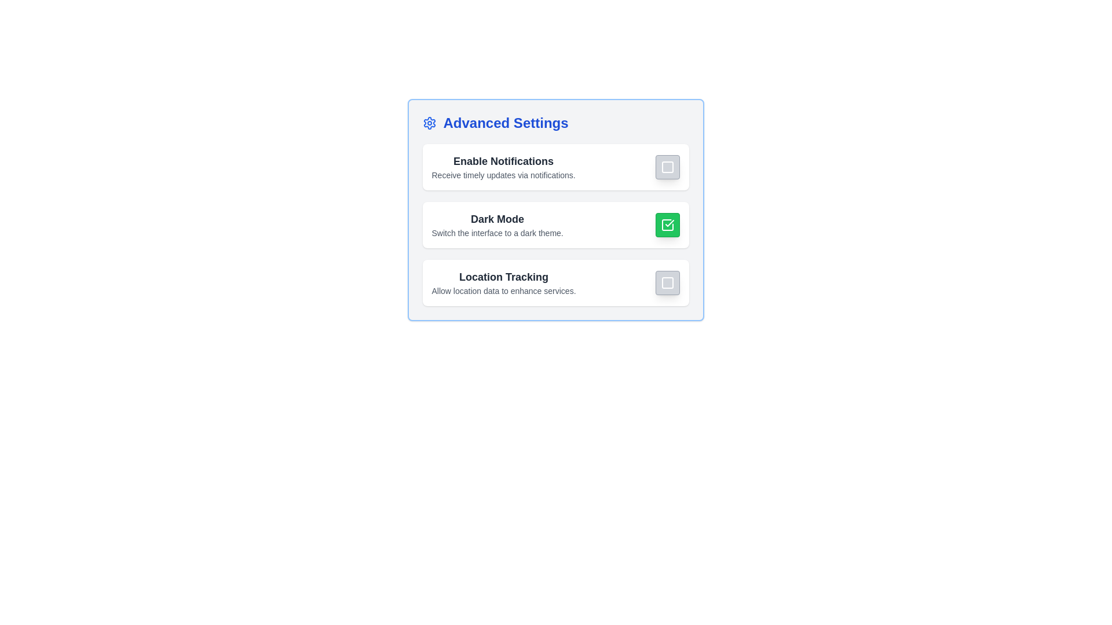  I want to click on the gear-shaped icon representing settings functionality located in the top-left section of the 'Advanced Settings' panel, so click(429, 123).